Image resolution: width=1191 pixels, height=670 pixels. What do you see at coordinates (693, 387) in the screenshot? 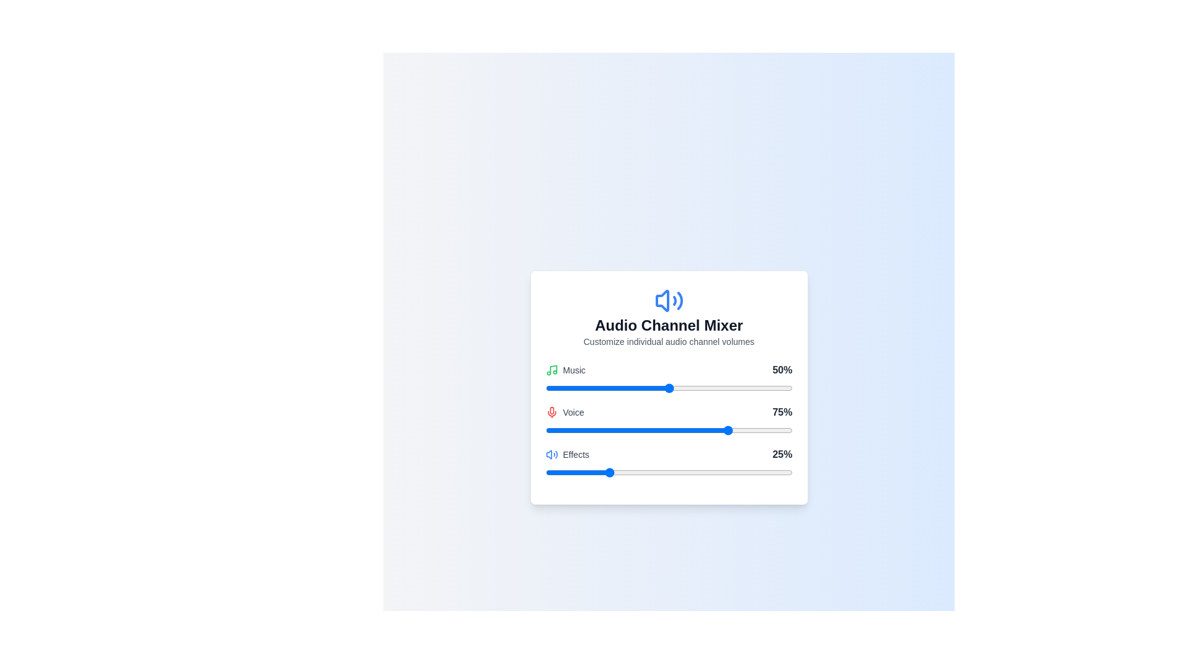
I see `music volume` at bounding box center [693, 387].